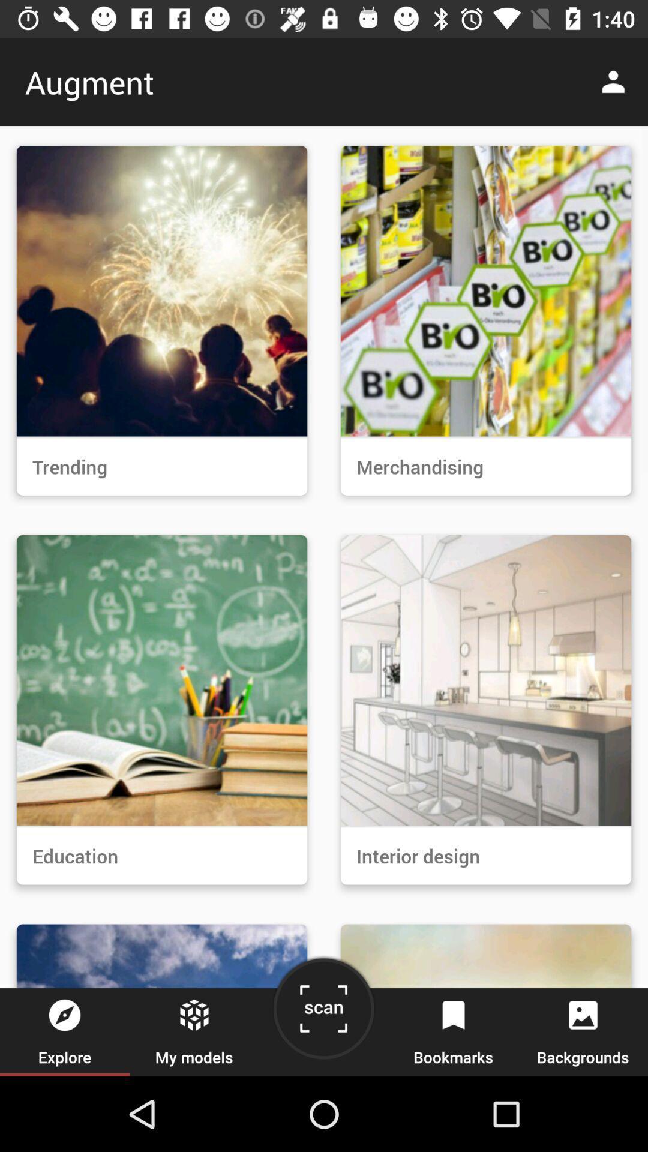 The height and width of the screenshot is (1152, 648). I want to click on item to the right of the augment item, so click(616, 81).